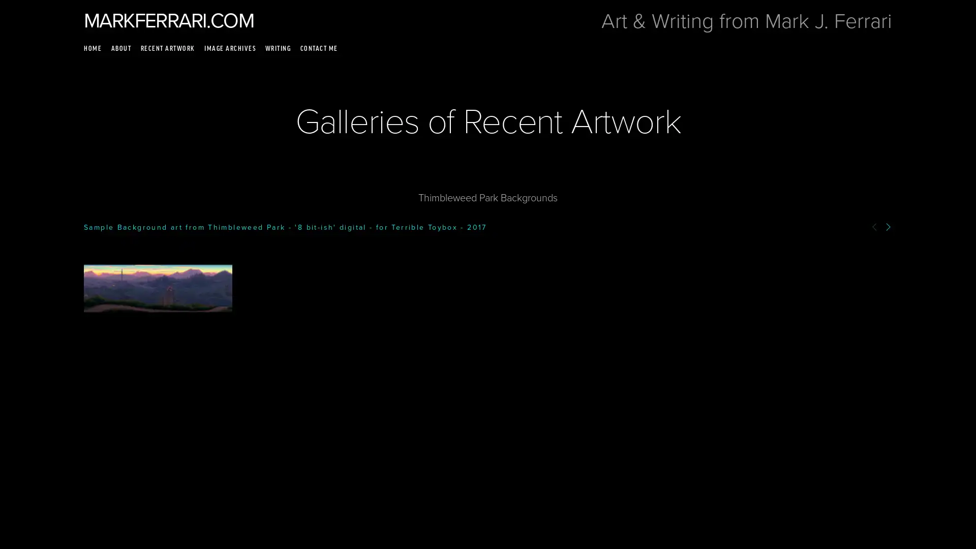 This screenshot has height=549, width=976. I want to click on Previous, so click(874, 226).